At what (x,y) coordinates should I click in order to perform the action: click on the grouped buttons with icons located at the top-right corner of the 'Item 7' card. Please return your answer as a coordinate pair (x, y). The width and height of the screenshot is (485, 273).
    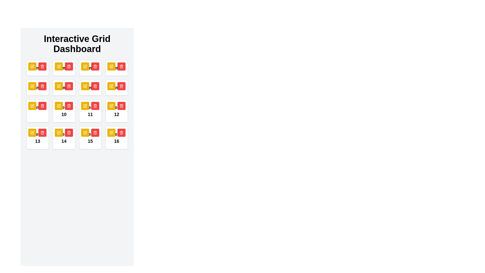
    Looking at the image, I should click on (90, 86).